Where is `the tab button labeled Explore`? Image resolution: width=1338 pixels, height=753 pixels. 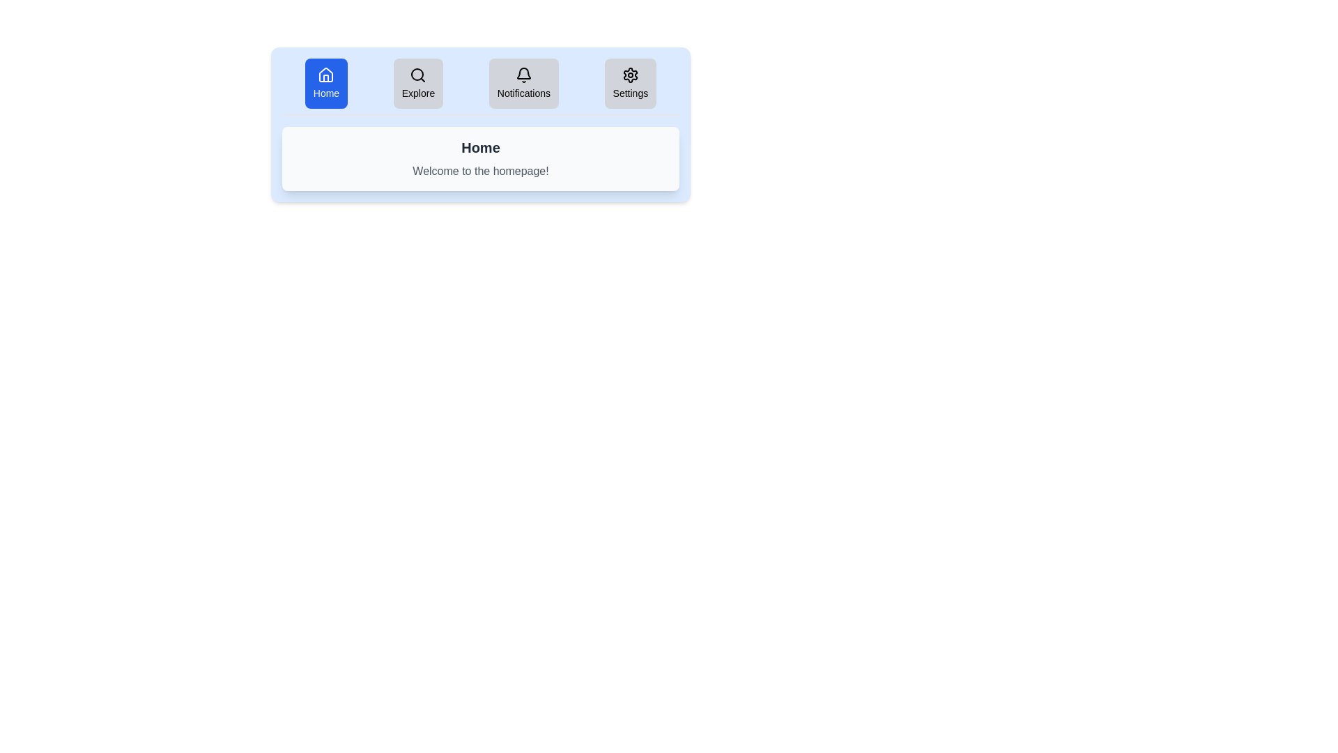 the tab button labeled Explore is located at coordinates (417, 83).